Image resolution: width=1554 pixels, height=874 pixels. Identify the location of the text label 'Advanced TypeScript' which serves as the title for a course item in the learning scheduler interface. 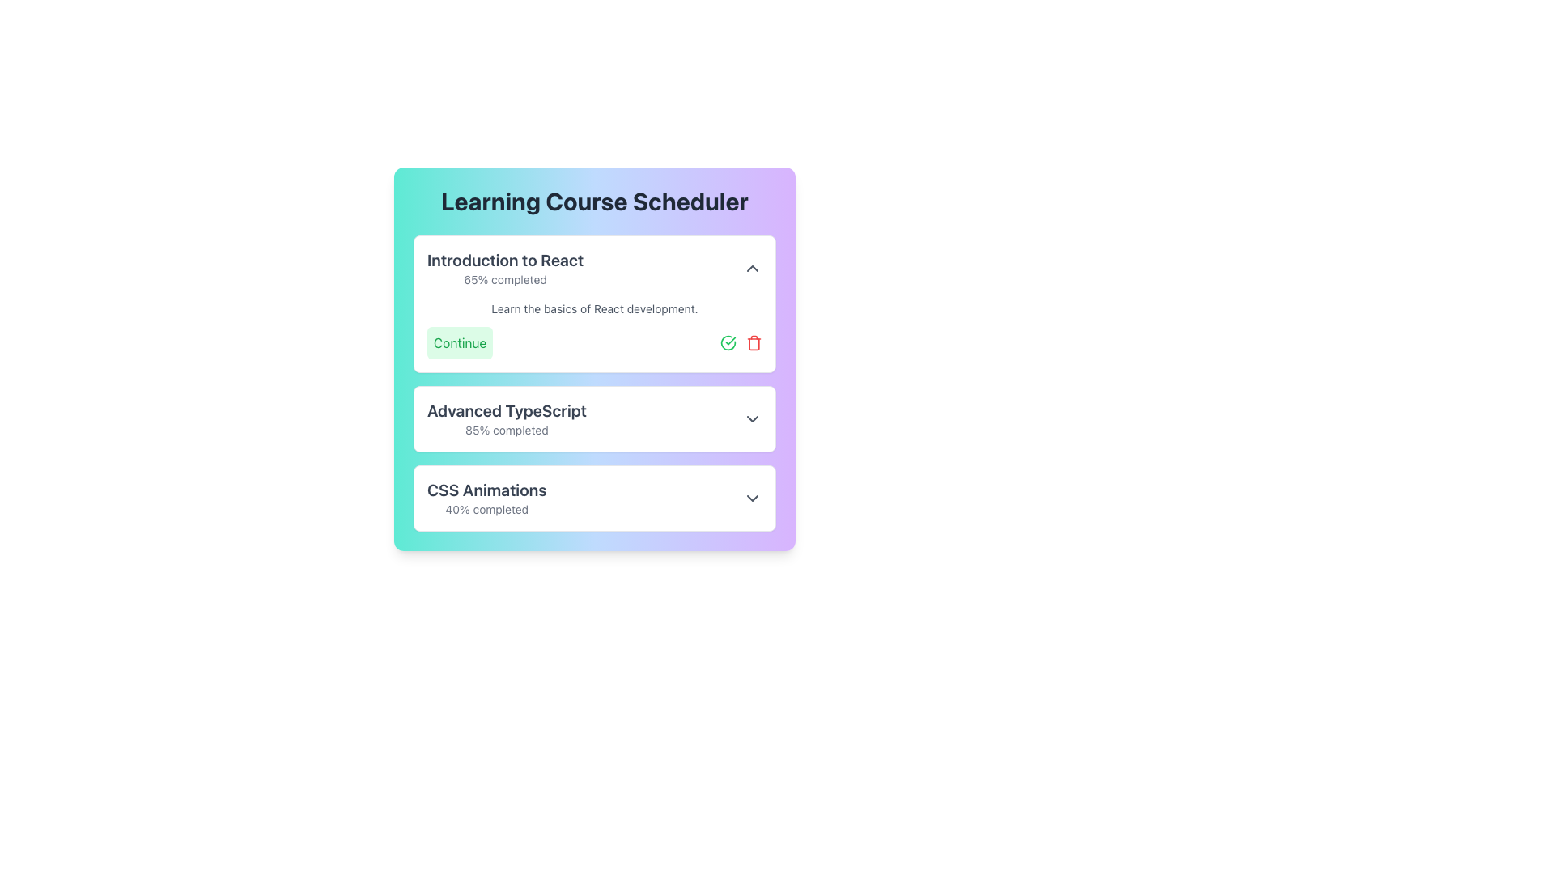
(506, 410).